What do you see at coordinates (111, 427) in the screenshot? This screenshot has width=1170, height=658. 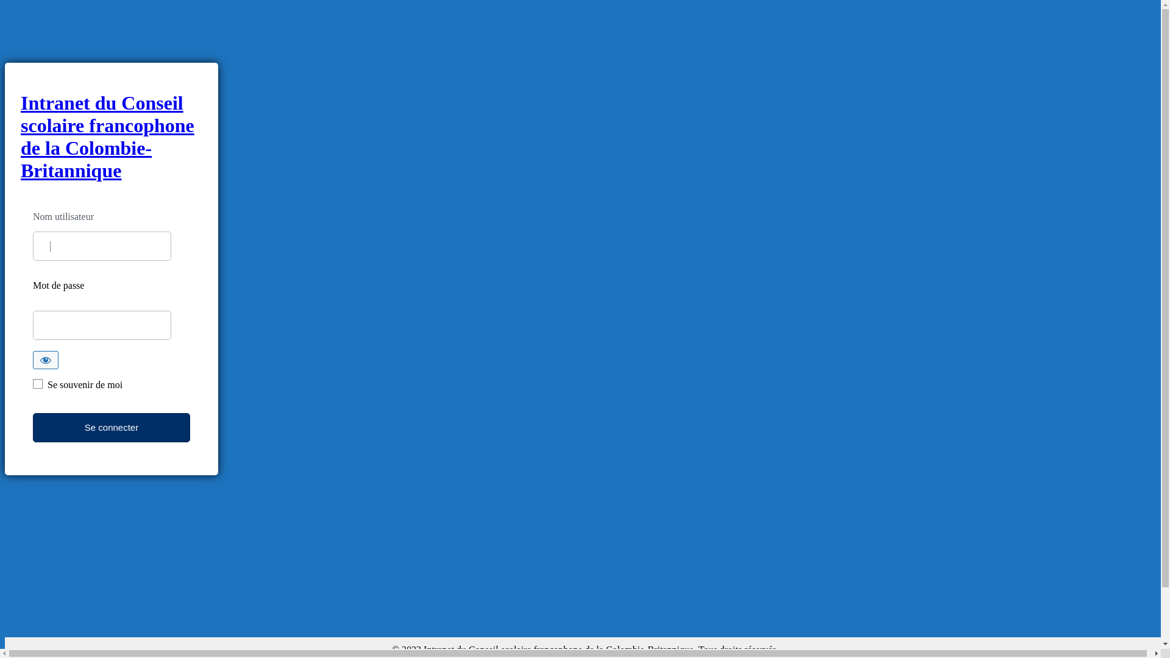 I see `'Se connecter'` at bounding box center [111, 427].